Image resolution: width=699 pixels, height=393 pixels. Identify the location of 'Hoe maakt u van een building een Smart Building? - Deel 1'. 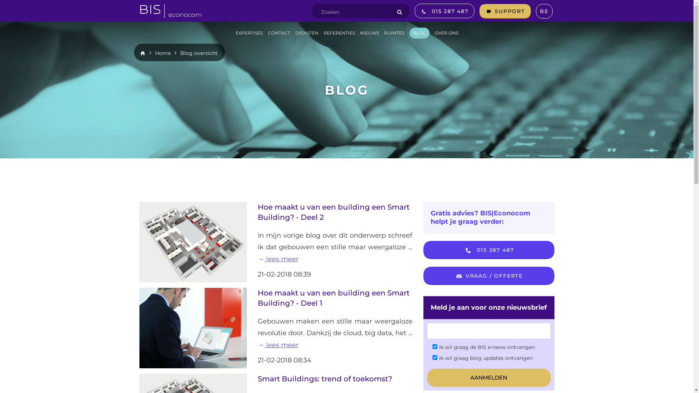
(333, 298).